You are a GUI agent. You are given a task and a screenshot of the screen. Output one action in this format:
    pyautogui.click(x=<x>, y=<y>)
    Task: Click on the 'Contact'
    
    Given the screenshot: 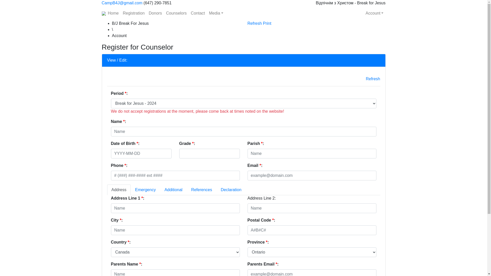 What is the action you would take?
    pyautogui.click(x=197, y=13)
    